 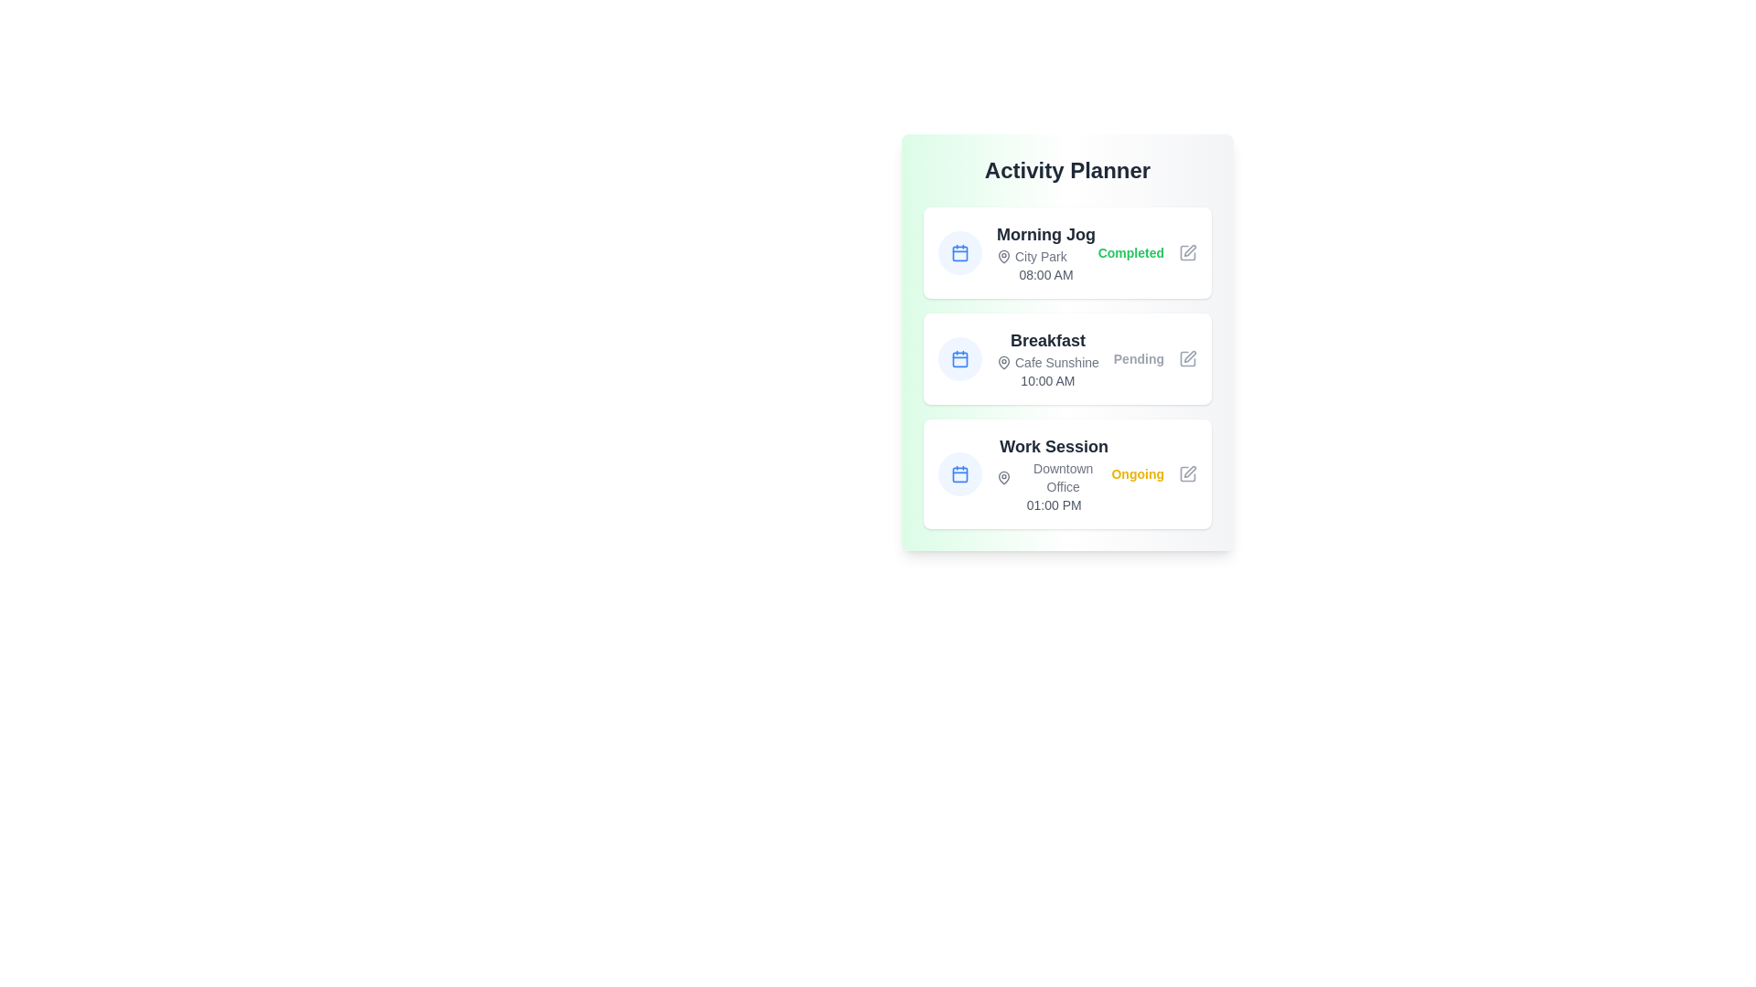 I want to click on the Location marker icon, which is a pin-shaped icon located to the left of the text 'City Park' in the 'Morning Jog' planner entry, so click(x=1003, y=257).